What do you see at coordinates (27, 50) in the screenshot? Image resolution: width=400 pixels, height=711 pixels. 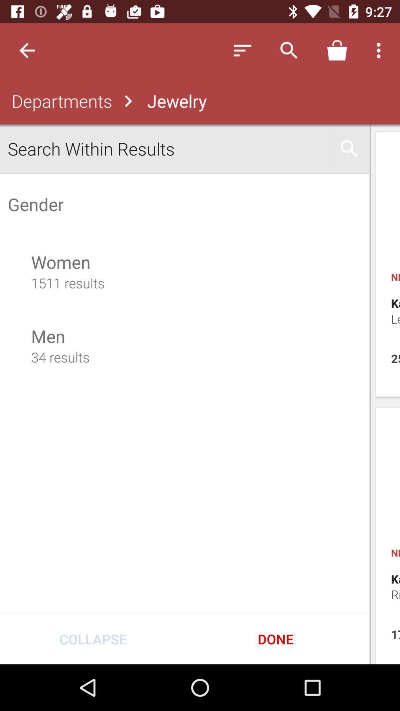 I see `the icon above the departments` at bounding box center [27, 50].